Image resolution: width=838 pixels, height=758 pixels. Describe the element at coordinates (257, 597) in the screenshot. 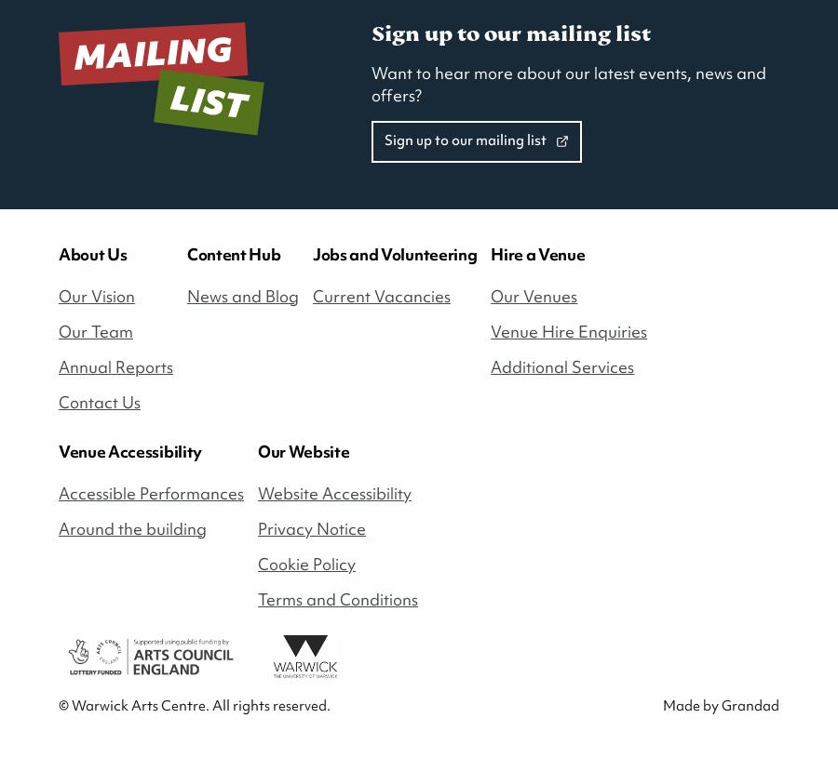

I see `'Terms and Conditions'` at that location.